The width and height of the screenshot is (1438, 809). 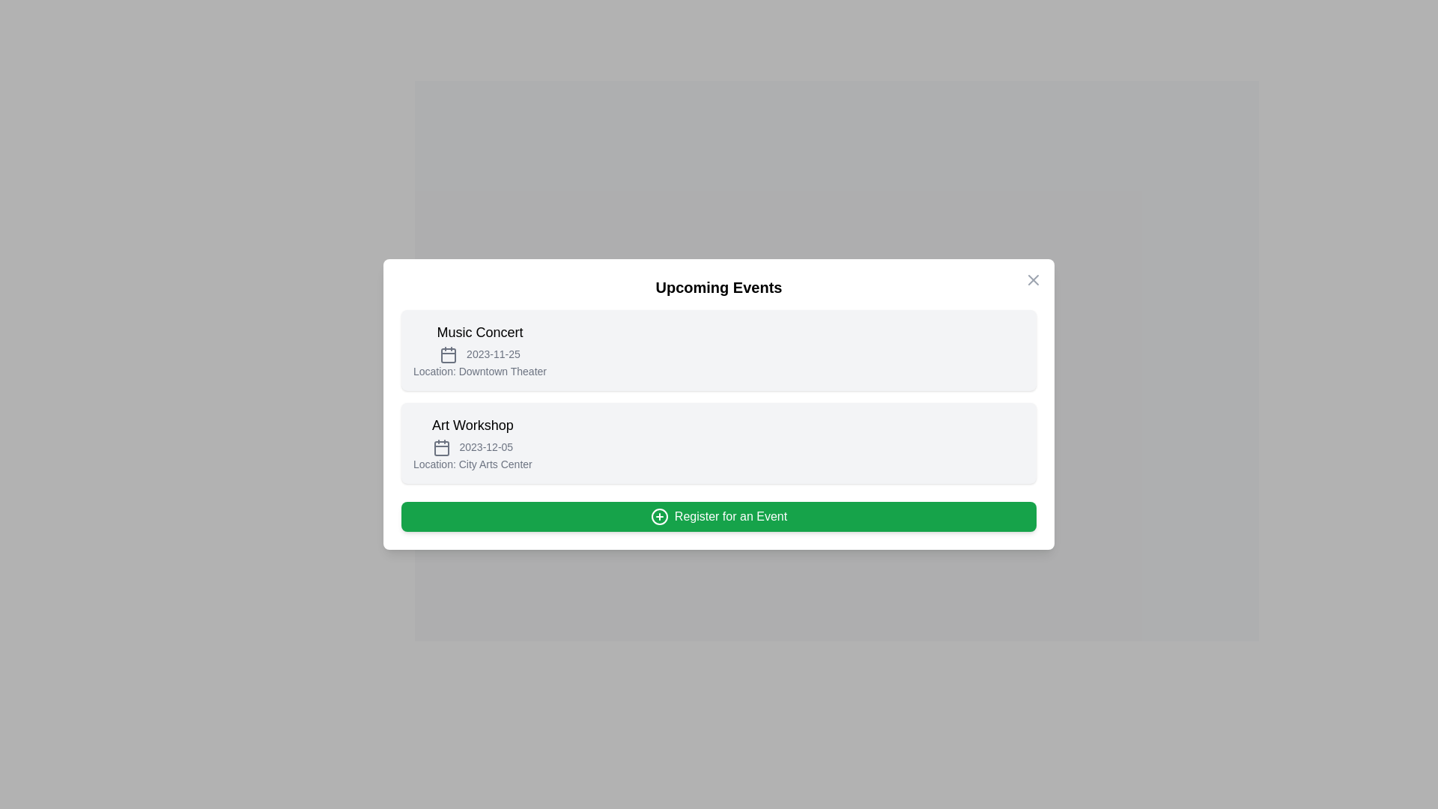 I want to click on the registration button located at the bottom of the 'Upcoming Events' section, underneath the events 'Music Concert' and 'Art Workshop', so click(x=719, y=516).